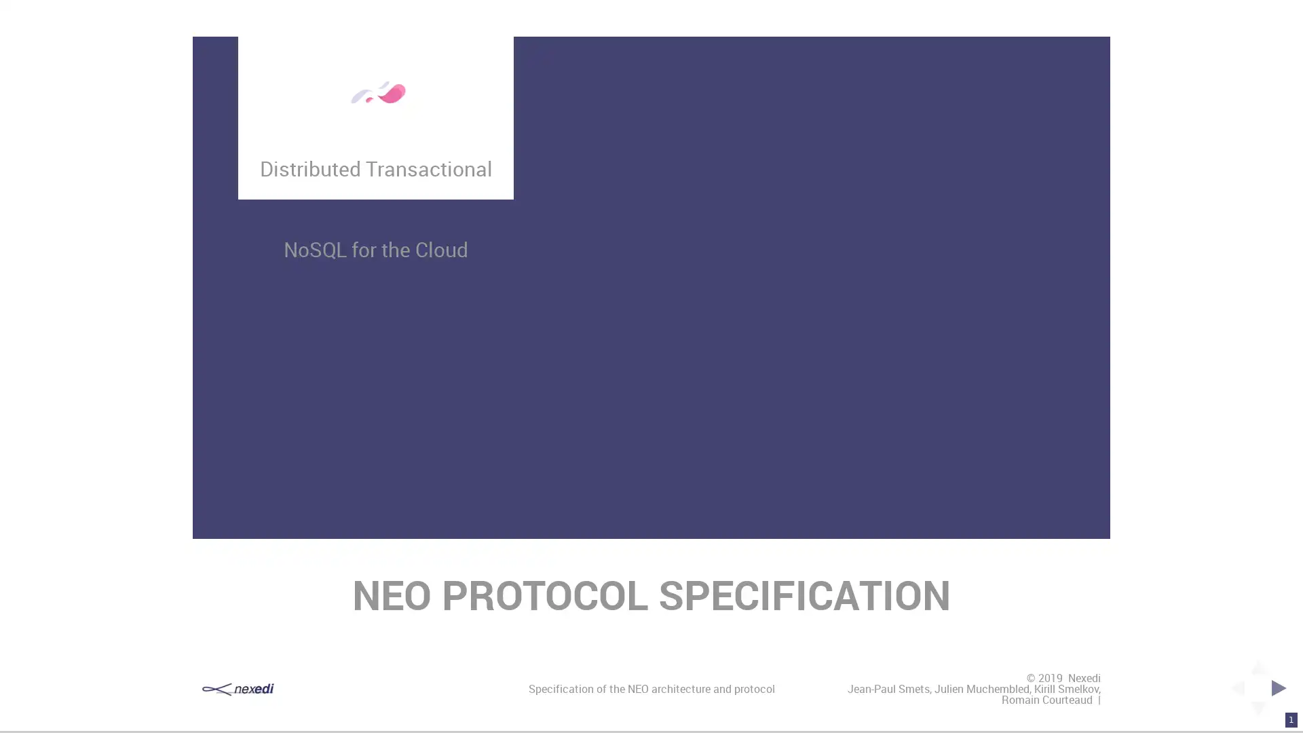  I want to click on above slide, so click(1257, 662).